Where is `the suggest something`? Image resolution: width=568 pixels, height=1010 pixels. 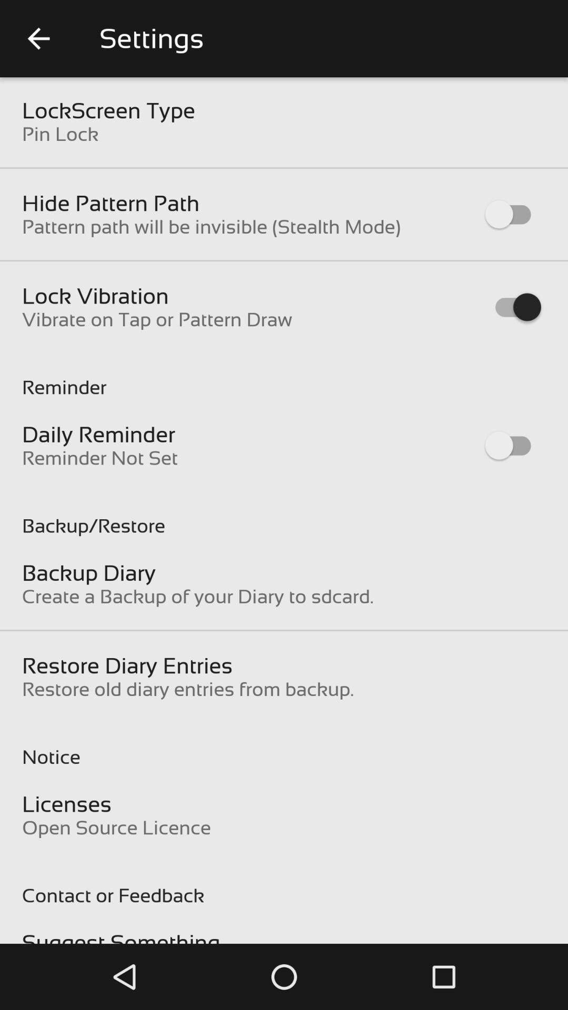 the suggest something is located at coordinates (120, 937).